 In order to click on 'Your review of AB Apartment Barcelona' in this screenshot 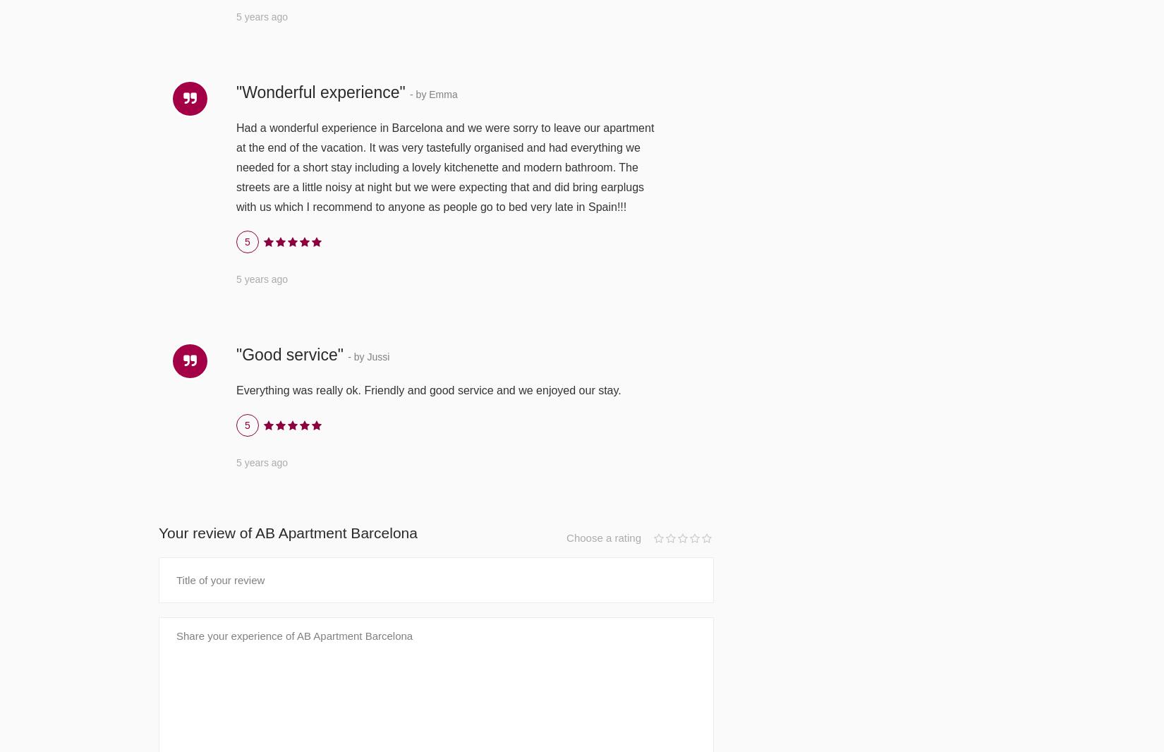, I will do `click(288, 531)`.